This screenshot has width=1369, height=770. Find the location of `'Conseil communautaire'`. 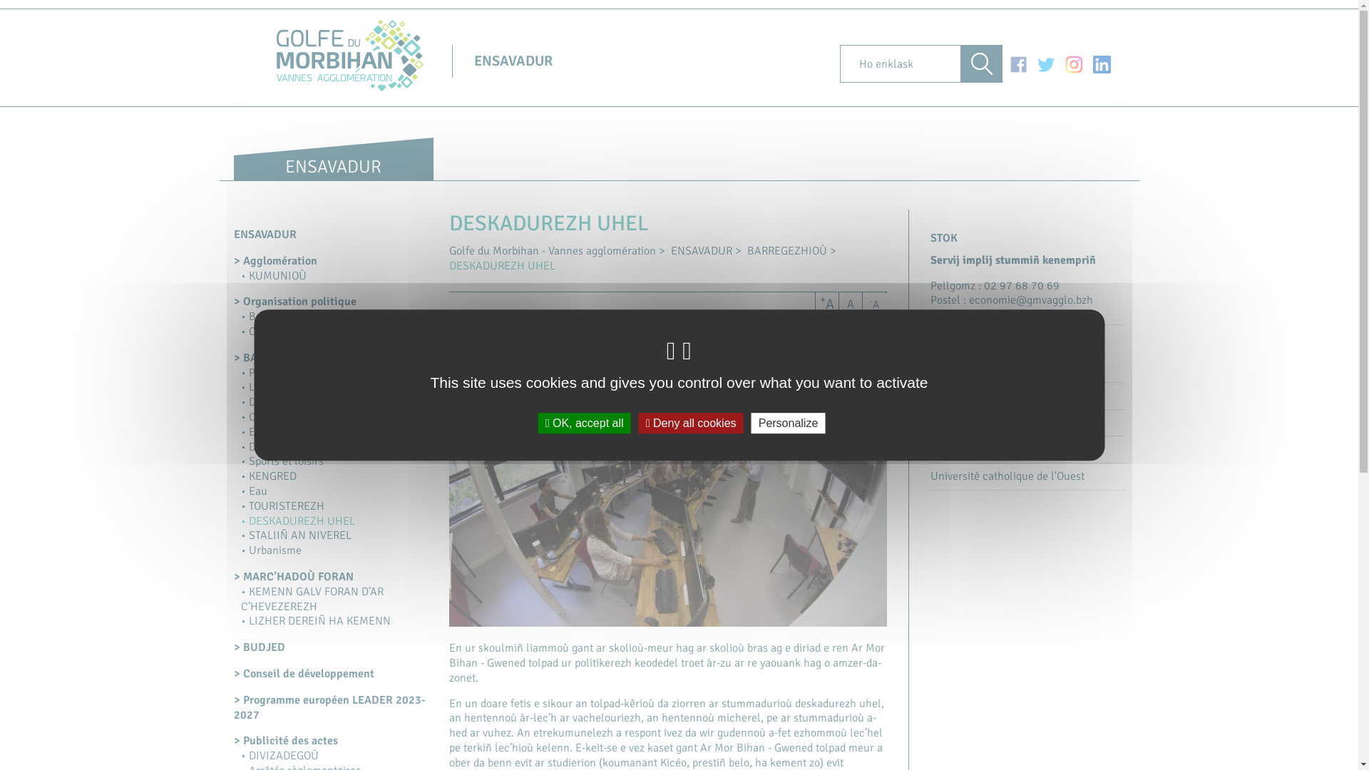

'Conseil communautaire' is located at coordinates (302, 332).